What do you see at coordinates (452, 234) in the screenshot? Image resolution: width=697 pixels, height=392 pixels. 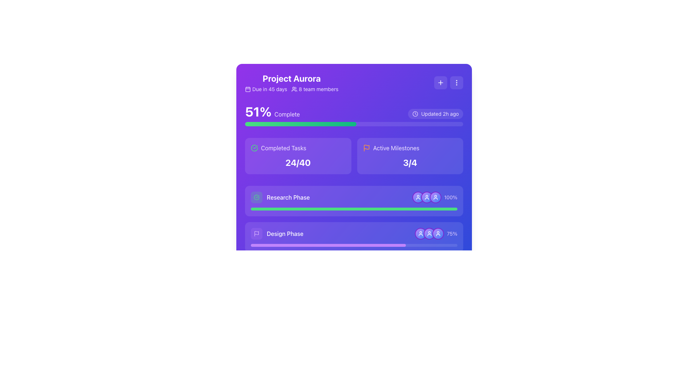 I see `the Text Label that displays the completion percentage of the specific phase in the 'Design Phase' section, located on the right-hand side of the horizontal arrangement of elements` at bounding box center [452, 234].